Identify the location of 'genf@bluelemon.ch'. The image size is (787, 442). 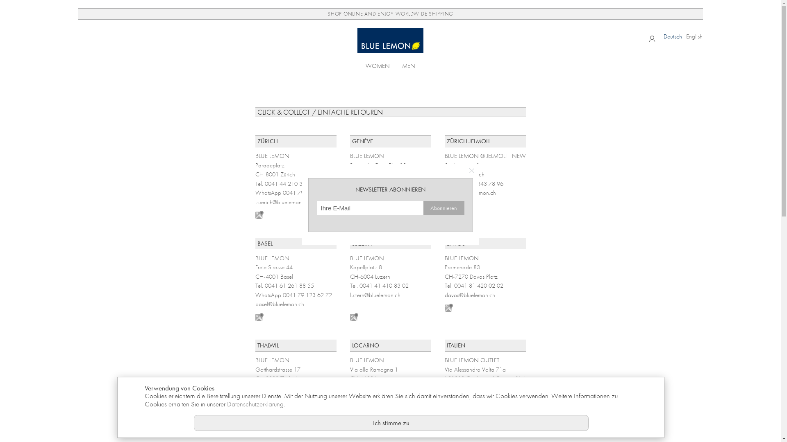
(350, 202).